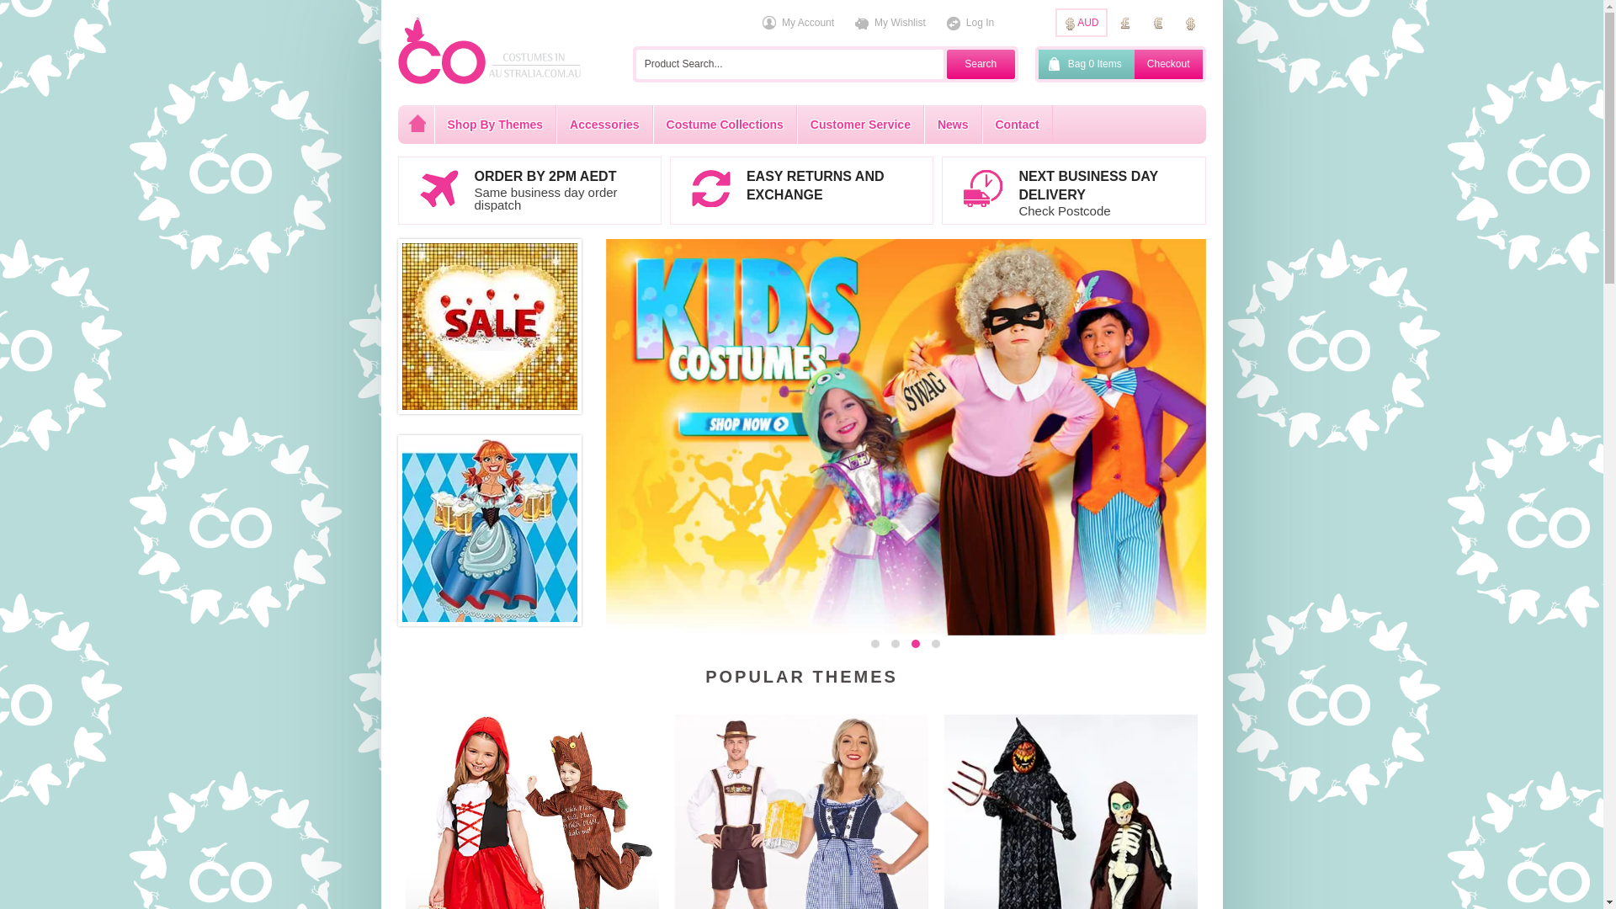 The image size is (1616, 909). Describe the element at coordinates (1124, 23) in the screenshot. I see `'British Pound - GBP'` at that location.